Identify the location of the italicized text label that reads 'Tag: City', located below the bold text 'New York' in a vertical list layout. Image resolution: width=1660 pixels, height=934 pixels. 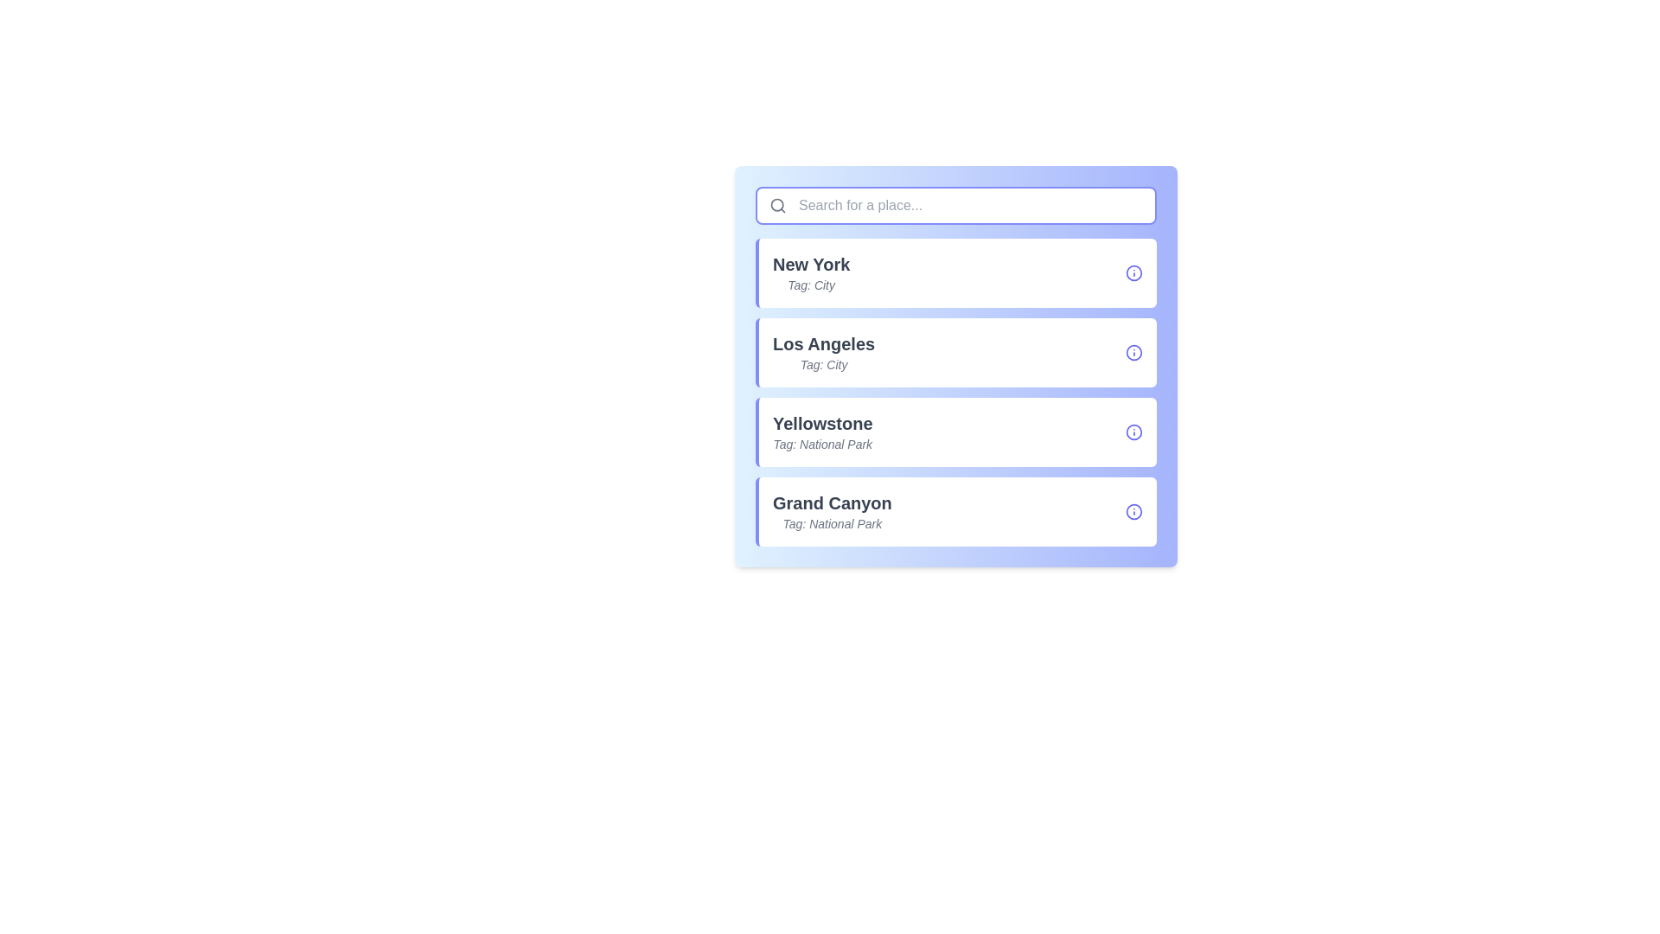
(810, 285).